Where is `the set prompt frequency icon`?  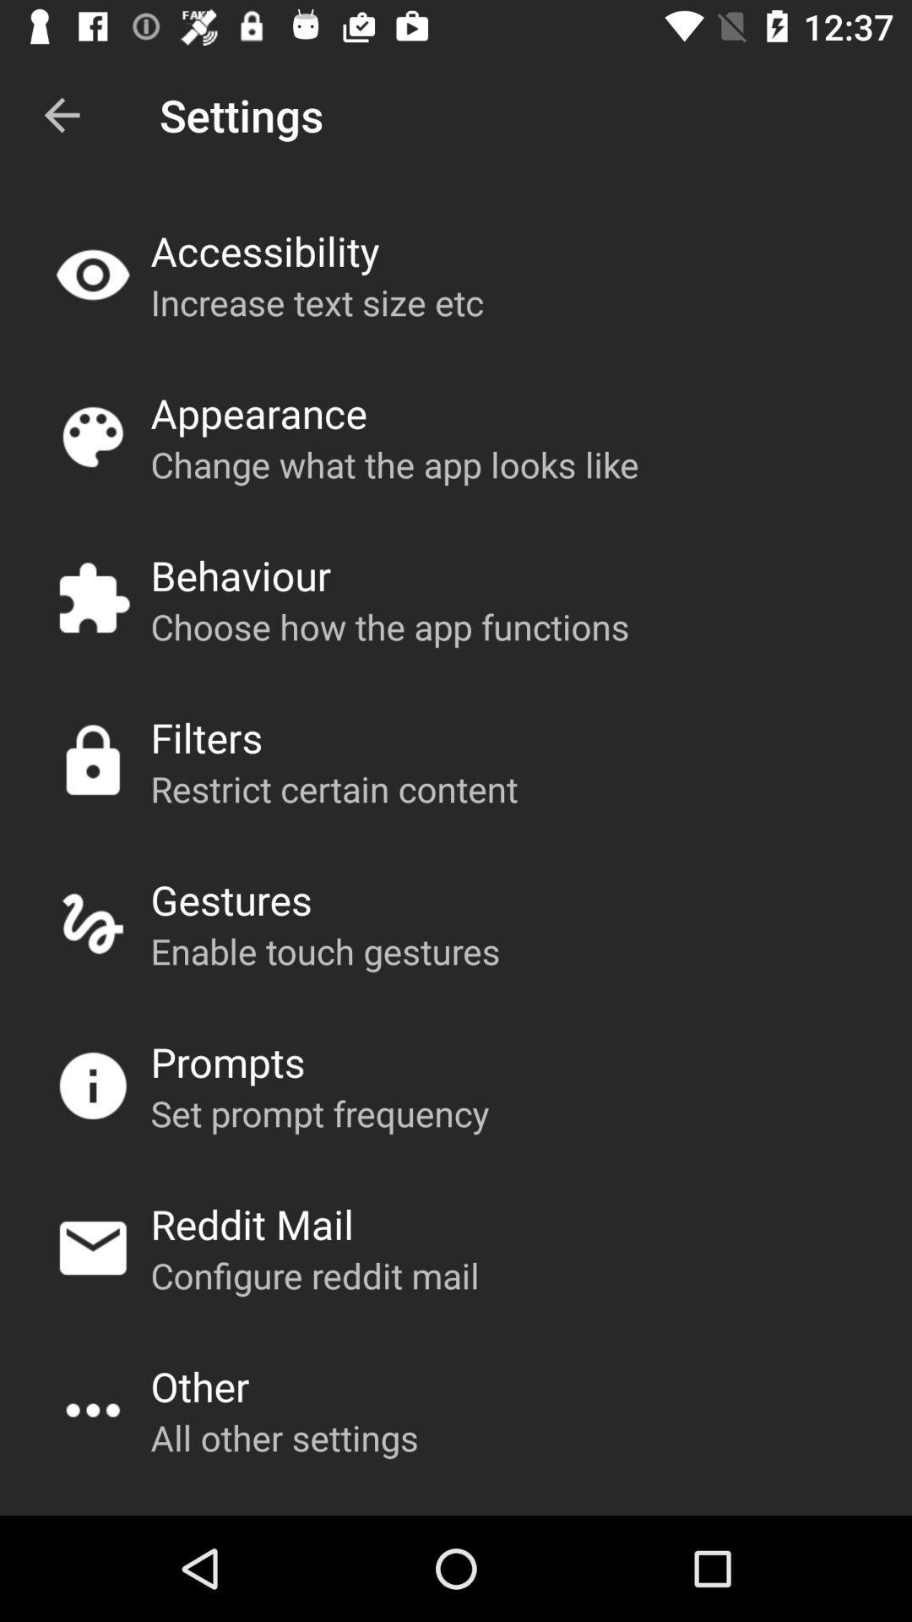
the set prompt frequency icon is located at coordinates (320, 1113).